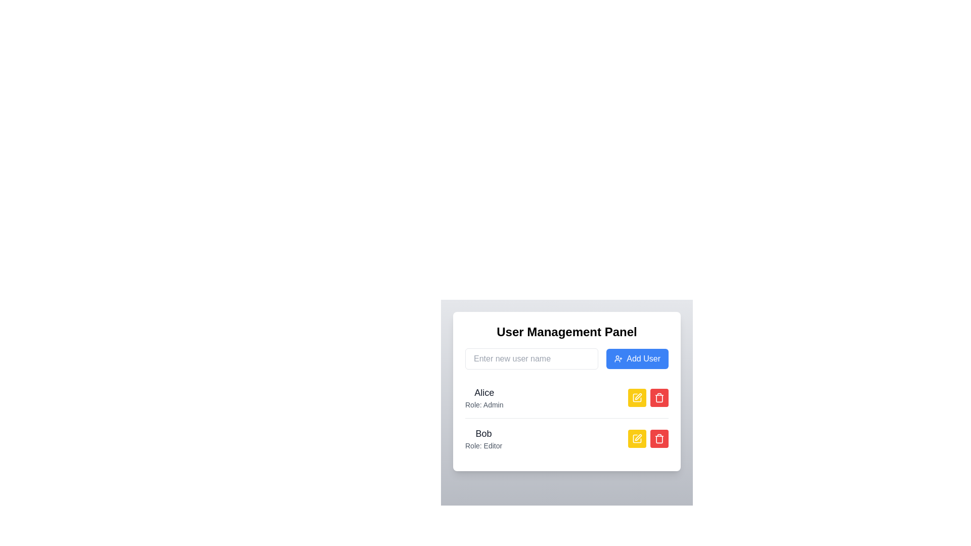  Describe the element at coordinates (659, 397) in the screenshot. I see `the red rounded rectangular button with a trash can icon located in the second row of the User Management Panel` at that location.